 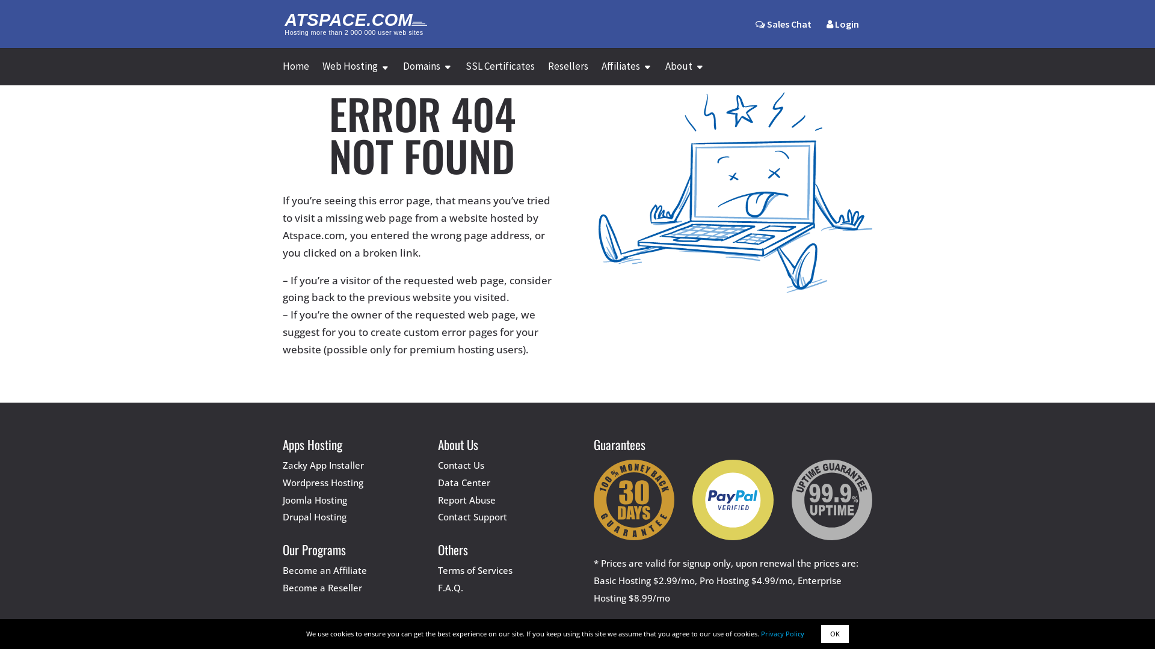 What do you see at coordinates (466, 500) in the screenshot?
I see `'Report Abuse'` at bounding box center [466, 500].